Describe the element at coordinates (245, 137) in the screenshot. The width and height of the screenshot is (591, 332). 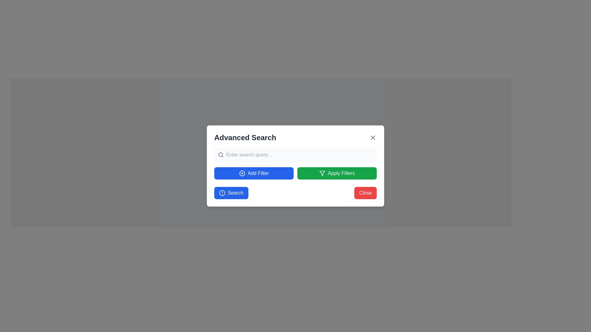
I see `the bold text label 'Advanced Search', which is prominently positioned at the top left corner of the dialog box` at that location.